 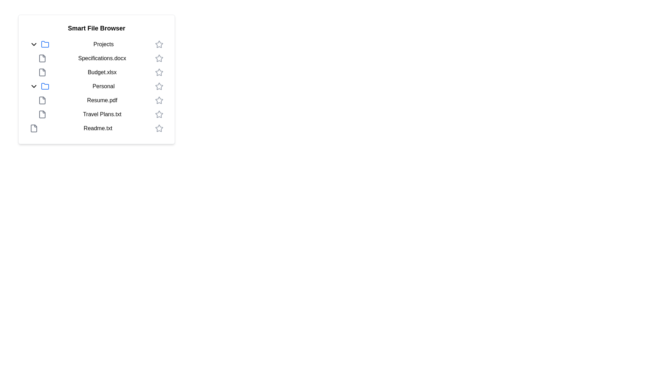 I want to click on the 'Personal' text label in the file browser, so click(x=103, y=86).